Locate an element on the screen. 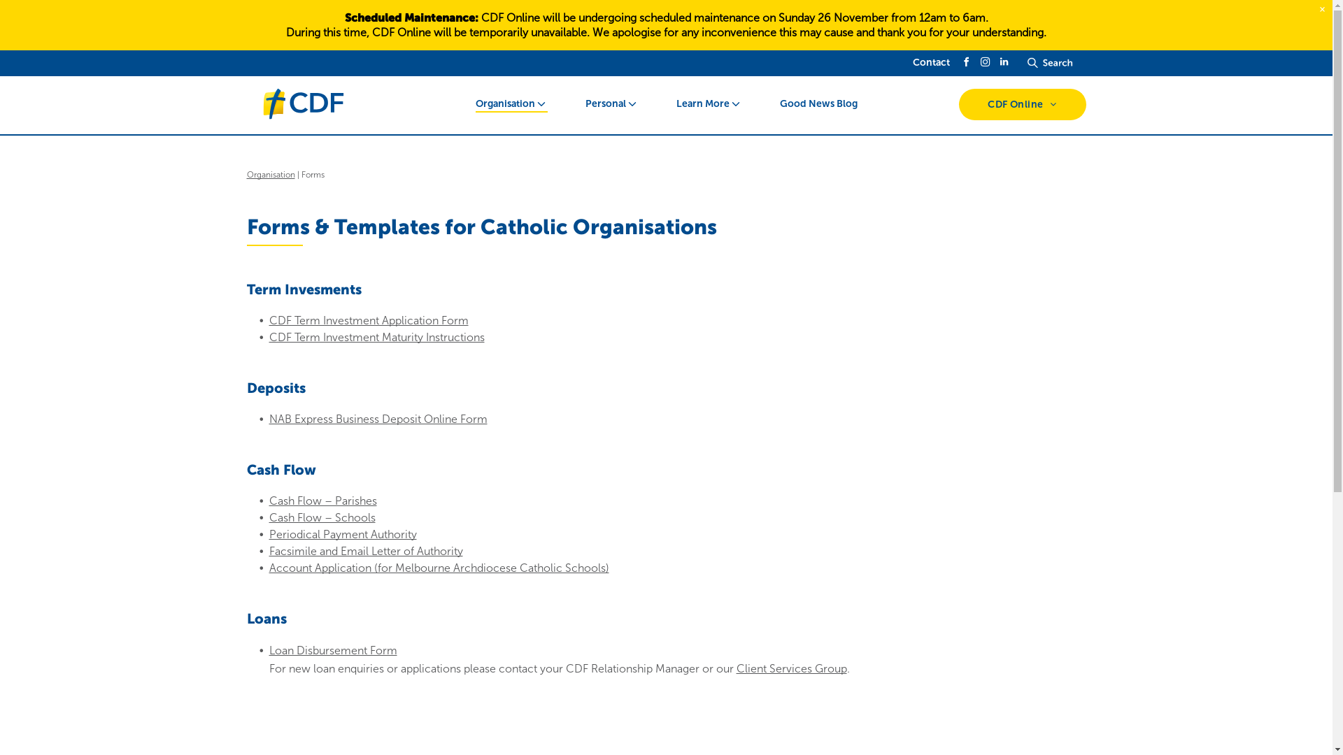 This screenshot has height=755, width=1343. 'Learn More' is located at coordinates (702, 103).